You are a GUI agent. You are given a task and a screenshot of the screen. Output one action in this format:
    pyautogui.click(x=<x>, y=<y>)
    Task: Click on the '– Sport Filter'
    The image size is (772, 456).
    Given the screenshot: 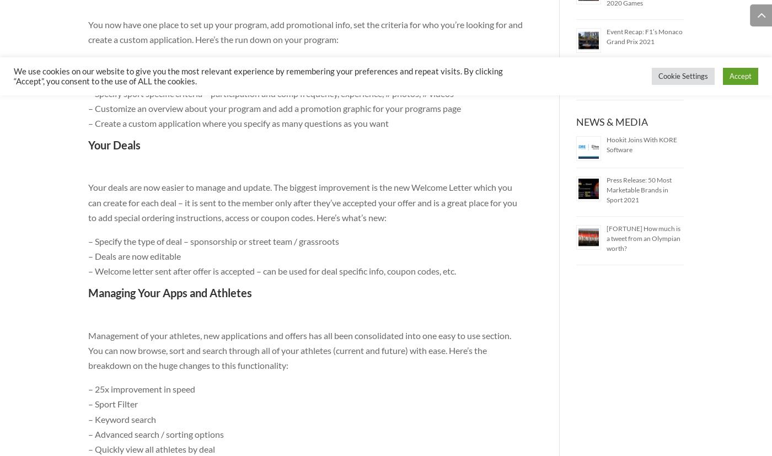 What is the action you would take?
    pyautogui.click(x=112, y=404)
    